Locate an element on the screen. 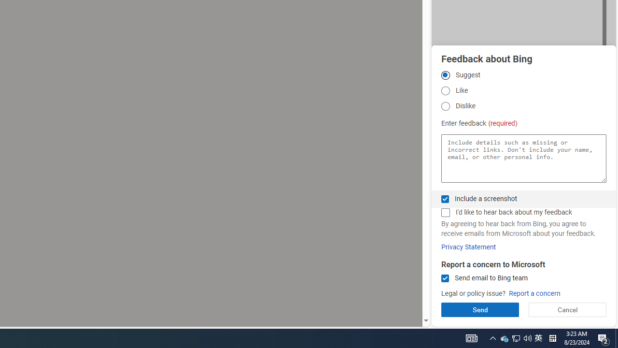 This screenshot has height=348, width=618. 'Include a screenshot' is located at coordinates (445, 198).